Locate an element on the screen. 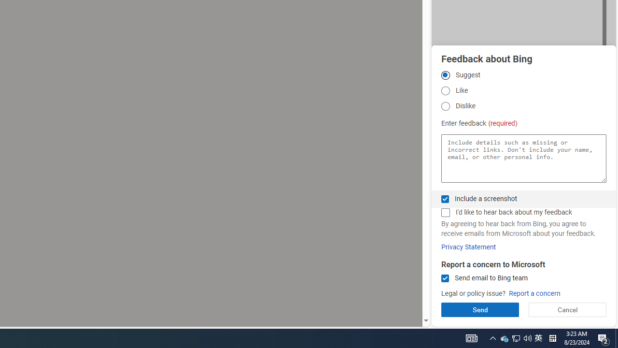 This screenshot has height=348, width=618. 'Include a screenshot' is located at coordinates (445, 198).